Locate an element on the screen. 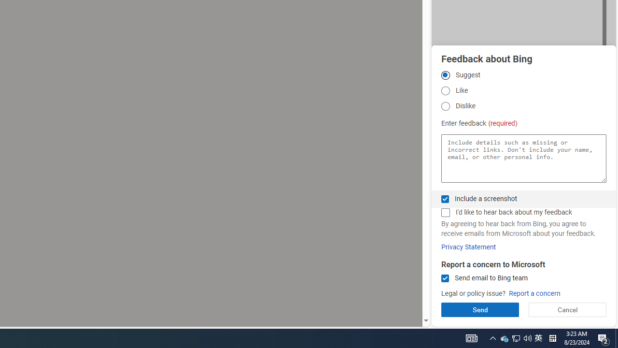 This screenshot has height=348, width=618. 'Include a screenshot' is located at coordinates (445, 198).